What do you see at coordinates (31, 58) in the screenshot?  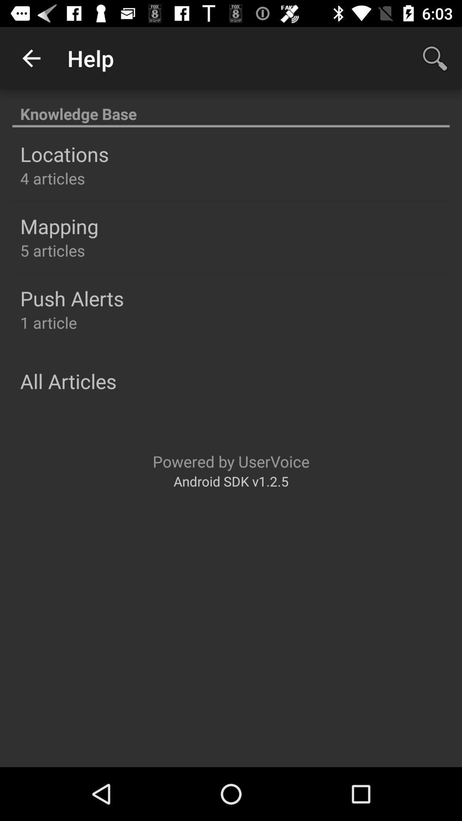 I see `the icon above knowledge base item` at bounding box center [31, 58].